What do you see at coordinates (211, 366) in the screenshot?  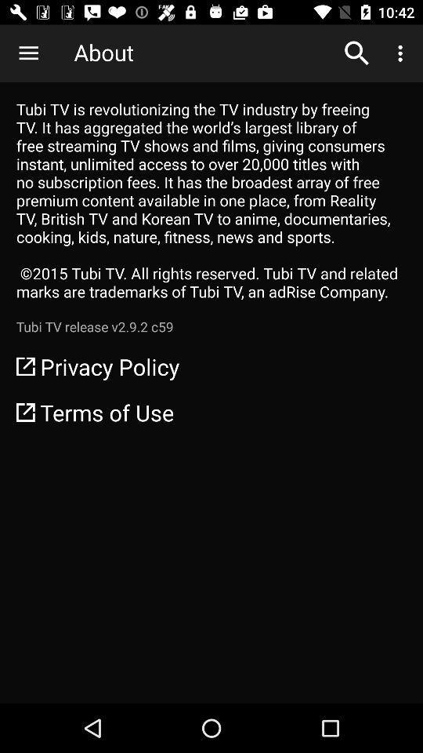 I see `the icon above the terms of use icon` at bounding box center [211, 366].